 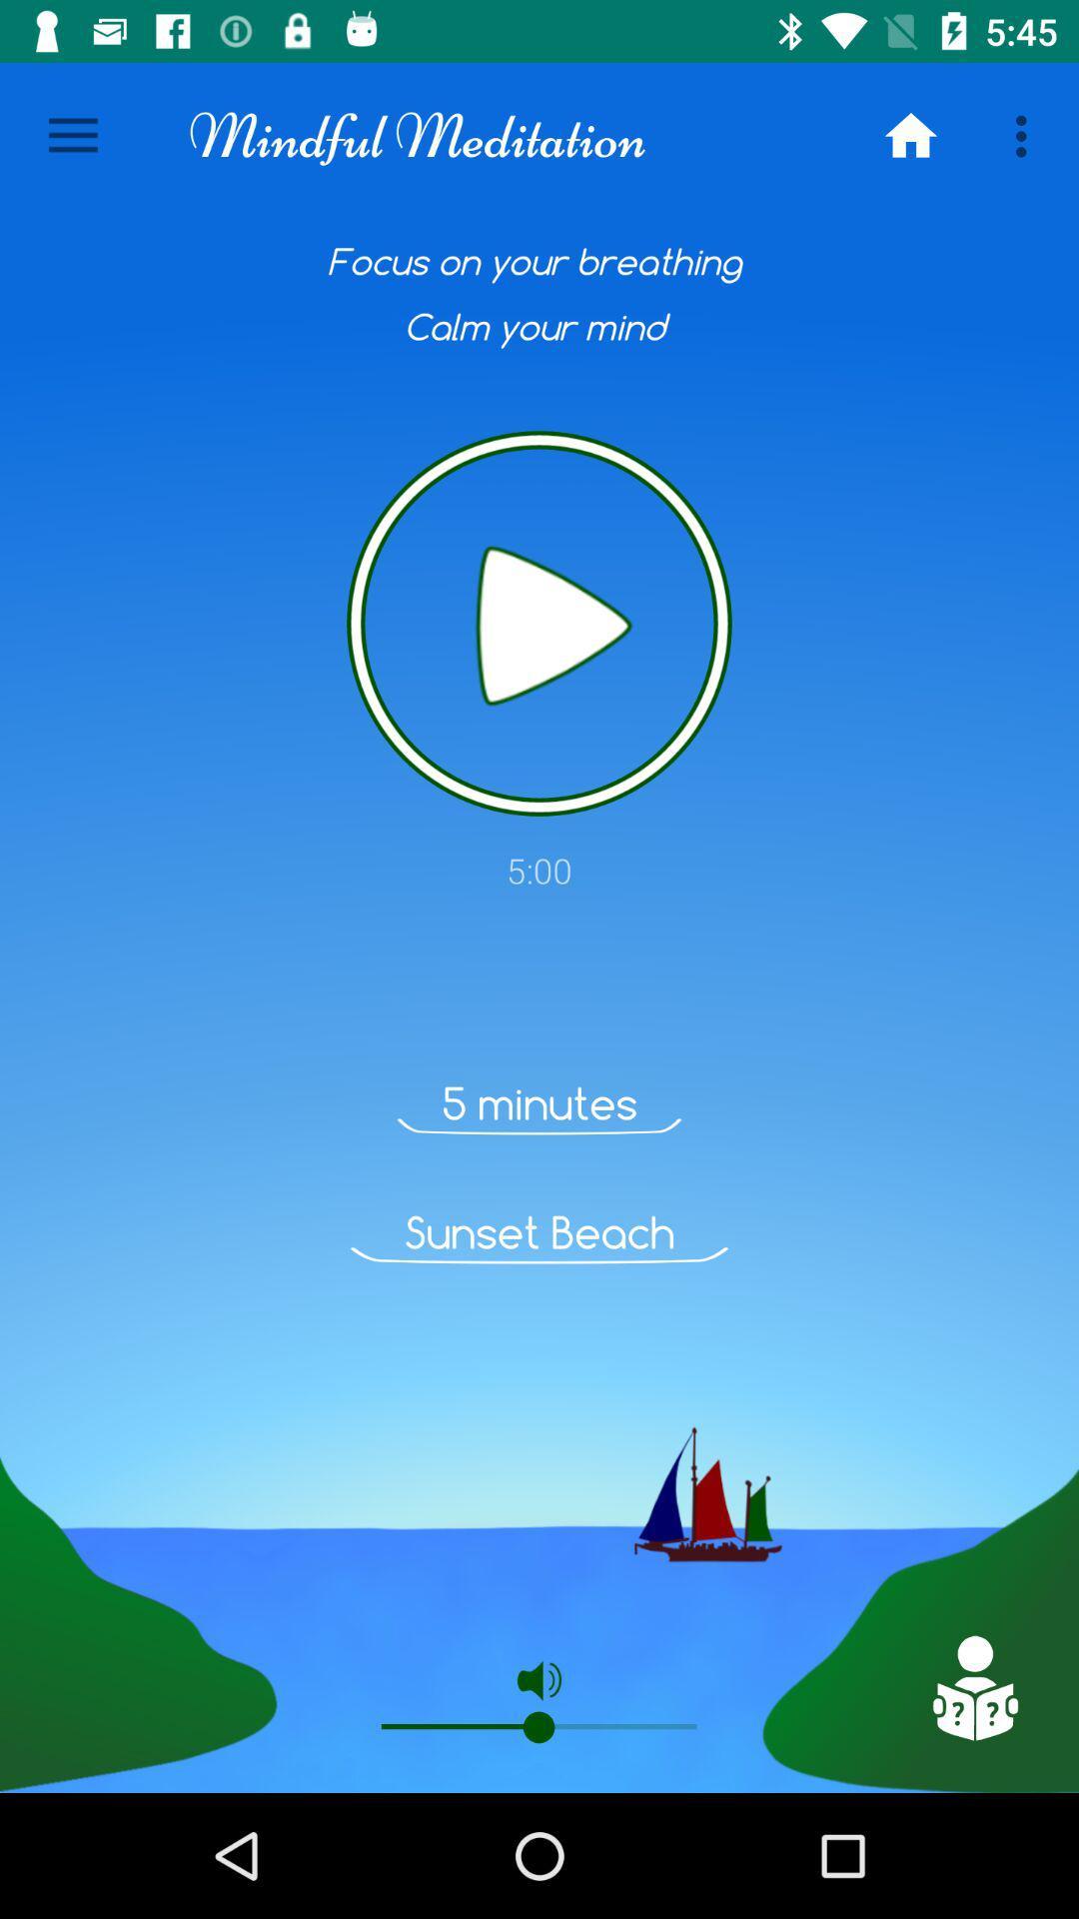 What do you see at coordinates (910, 135) in the screenshot?
I see `item to the right of the mindful meditation item` at bounding box center [910, 135].